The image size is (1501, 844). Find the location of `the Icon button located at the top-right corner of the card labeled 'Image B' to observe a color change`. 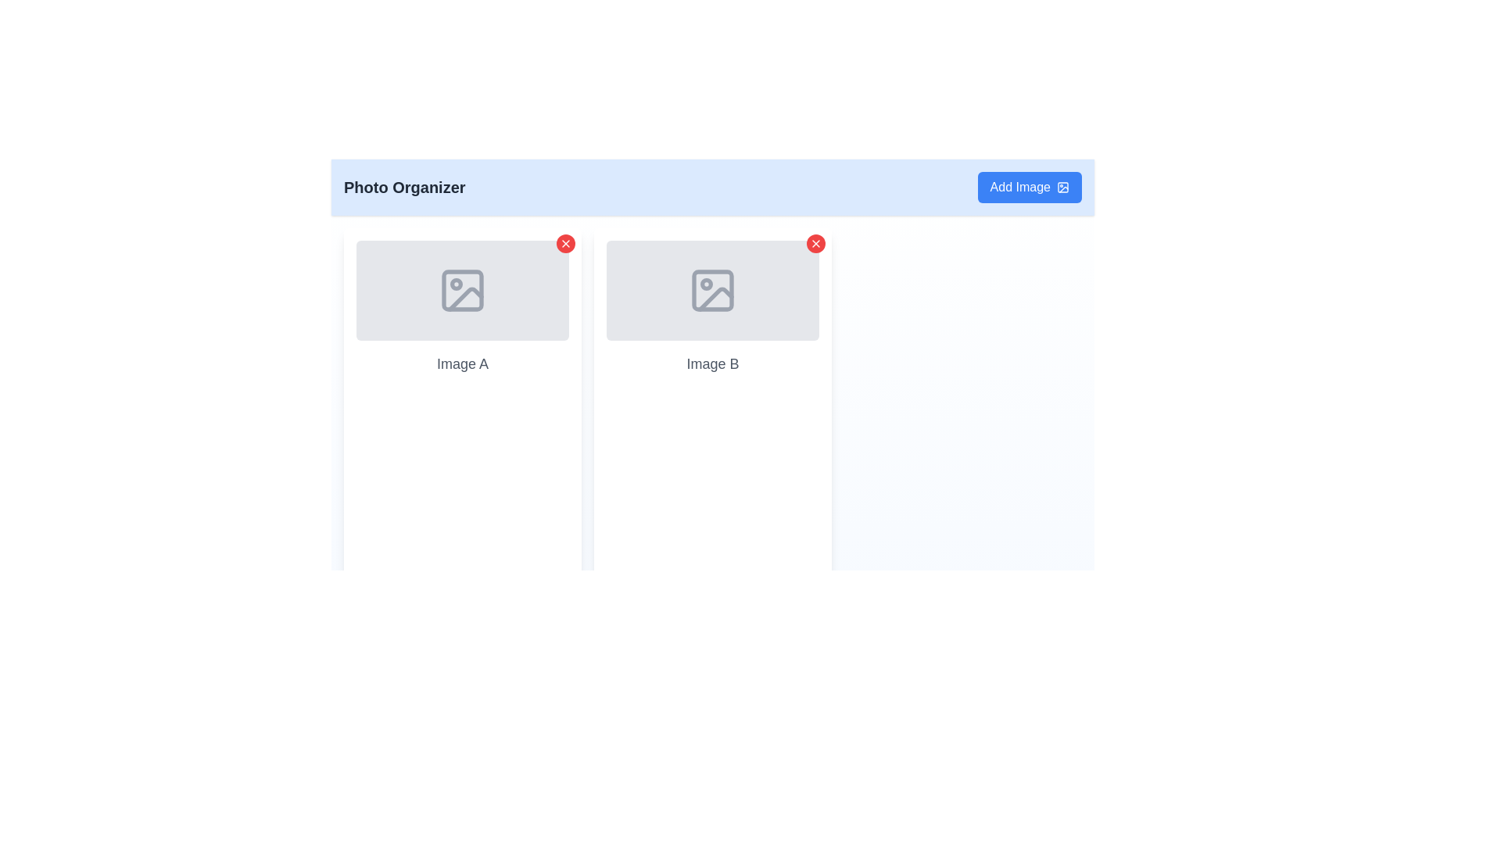

the Icon button located at the top-right corner of the card labeled 'Image B' to observe a color change is located at coordinates (815, 244).